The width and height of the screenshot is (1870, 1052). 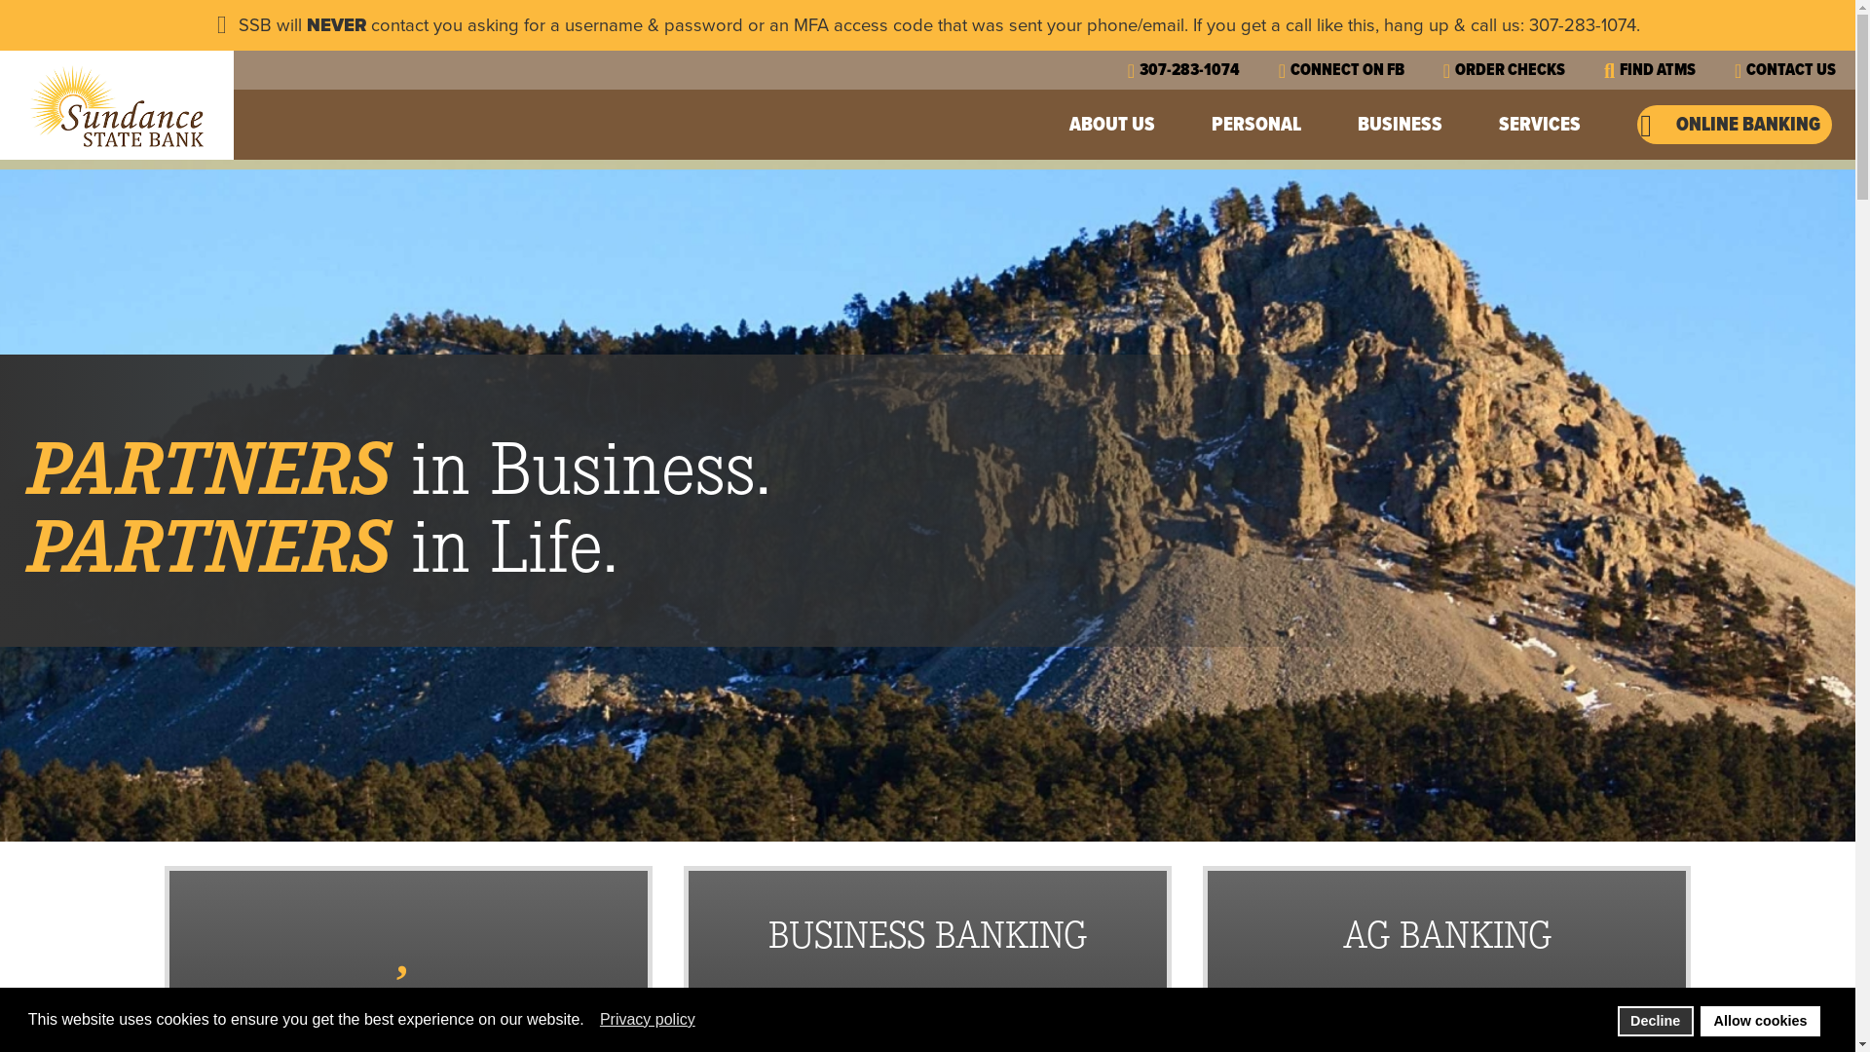 What do you see at coordinates (649, 1018) in the screenshot?
I see `'Privacy policy'` at bounding box center [649, 1018].